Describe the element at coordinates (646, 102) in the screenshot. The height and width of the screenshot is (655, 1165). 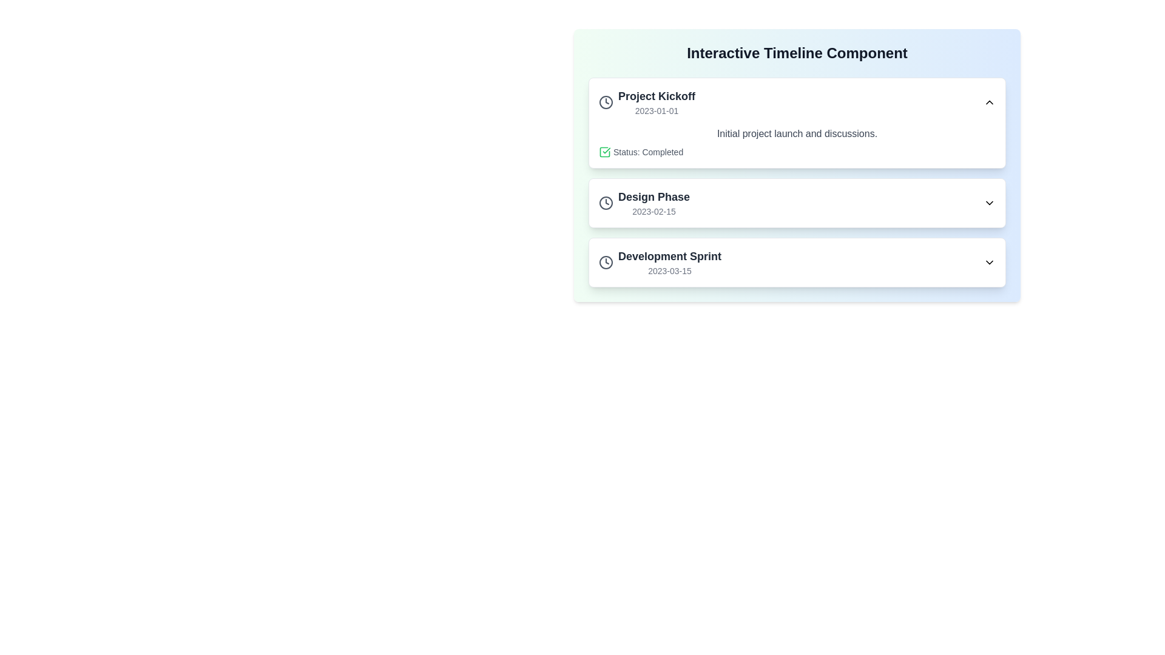
I see `the first Timeline Entry labeled 'Project Kickoff'` at that location.